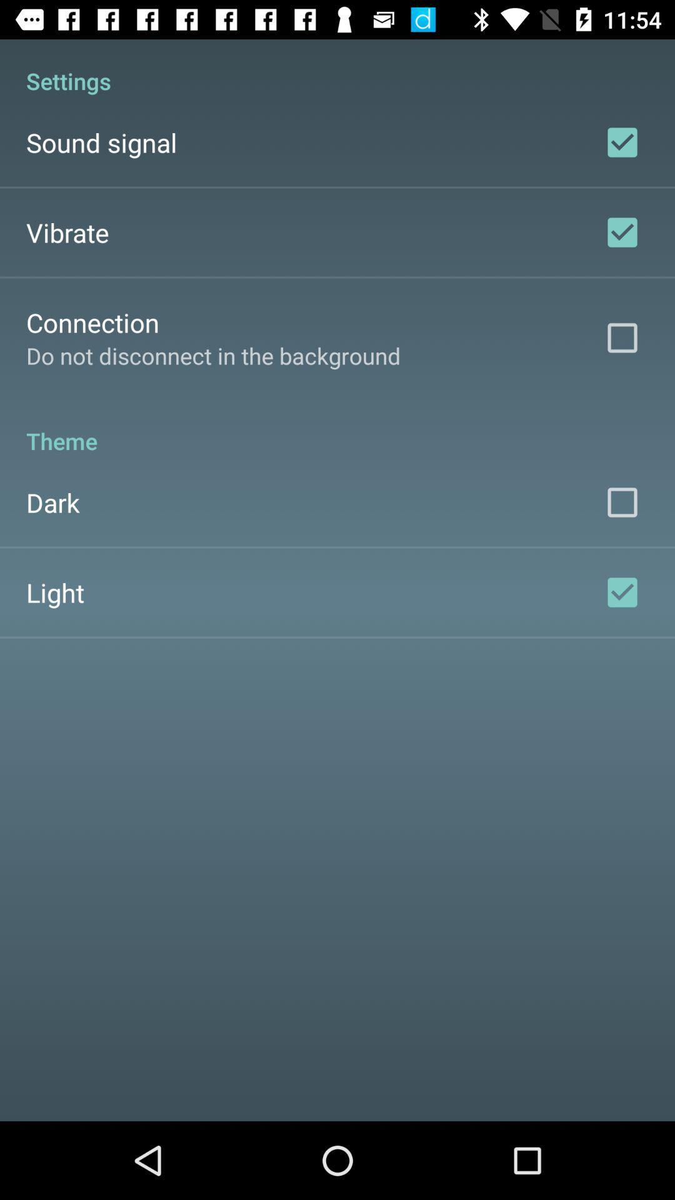 The width and height of the screenshot is (675, 1200). Describe the element at coordinates (52, 502) in the screenshot. I see `icon below the theme app` at that location.